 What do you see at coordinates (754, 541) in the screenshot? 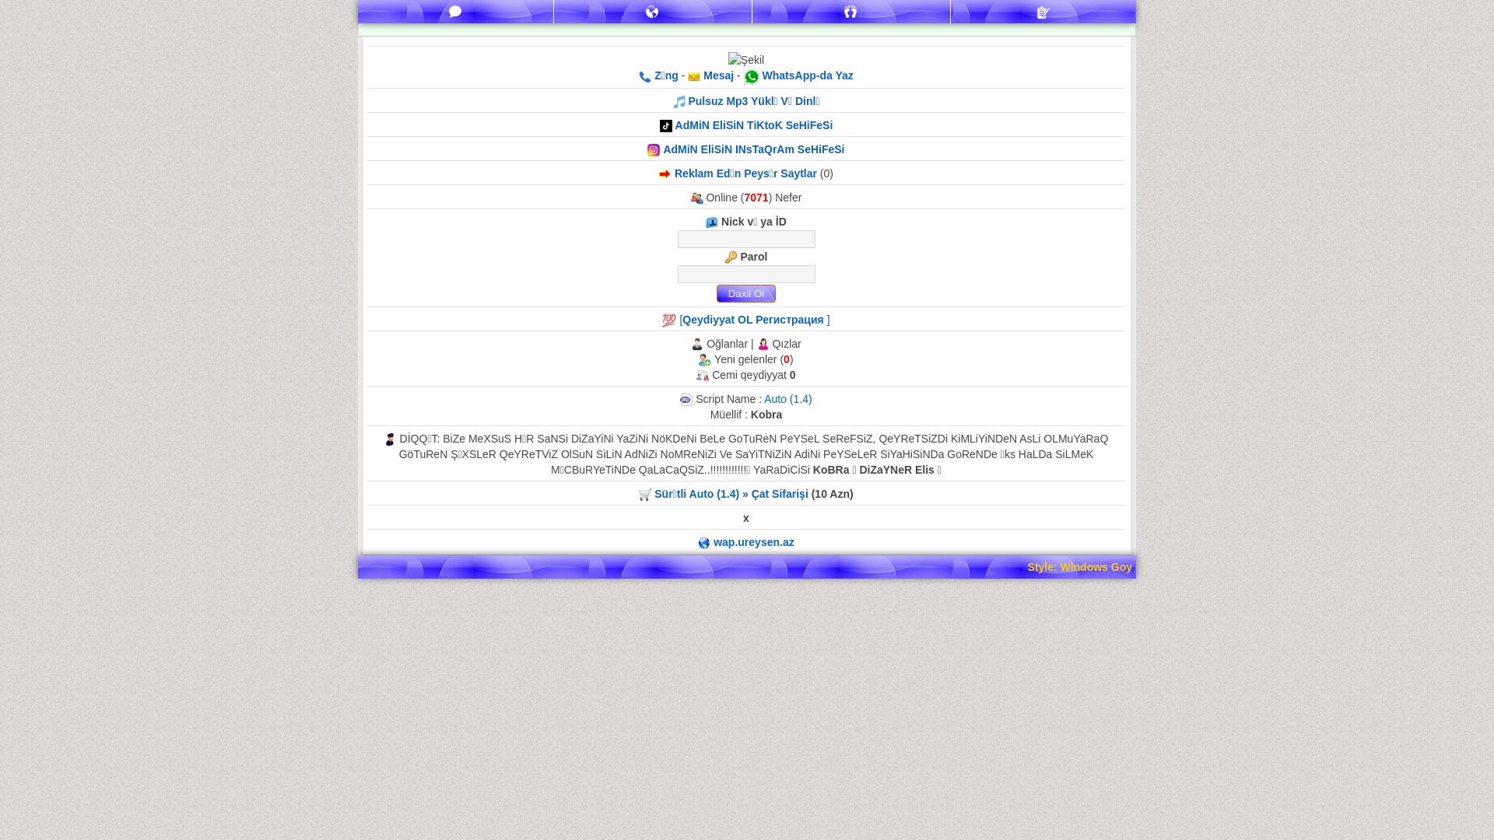
I see `'wap.ureysen.az'` at bounding box center [754, 541].